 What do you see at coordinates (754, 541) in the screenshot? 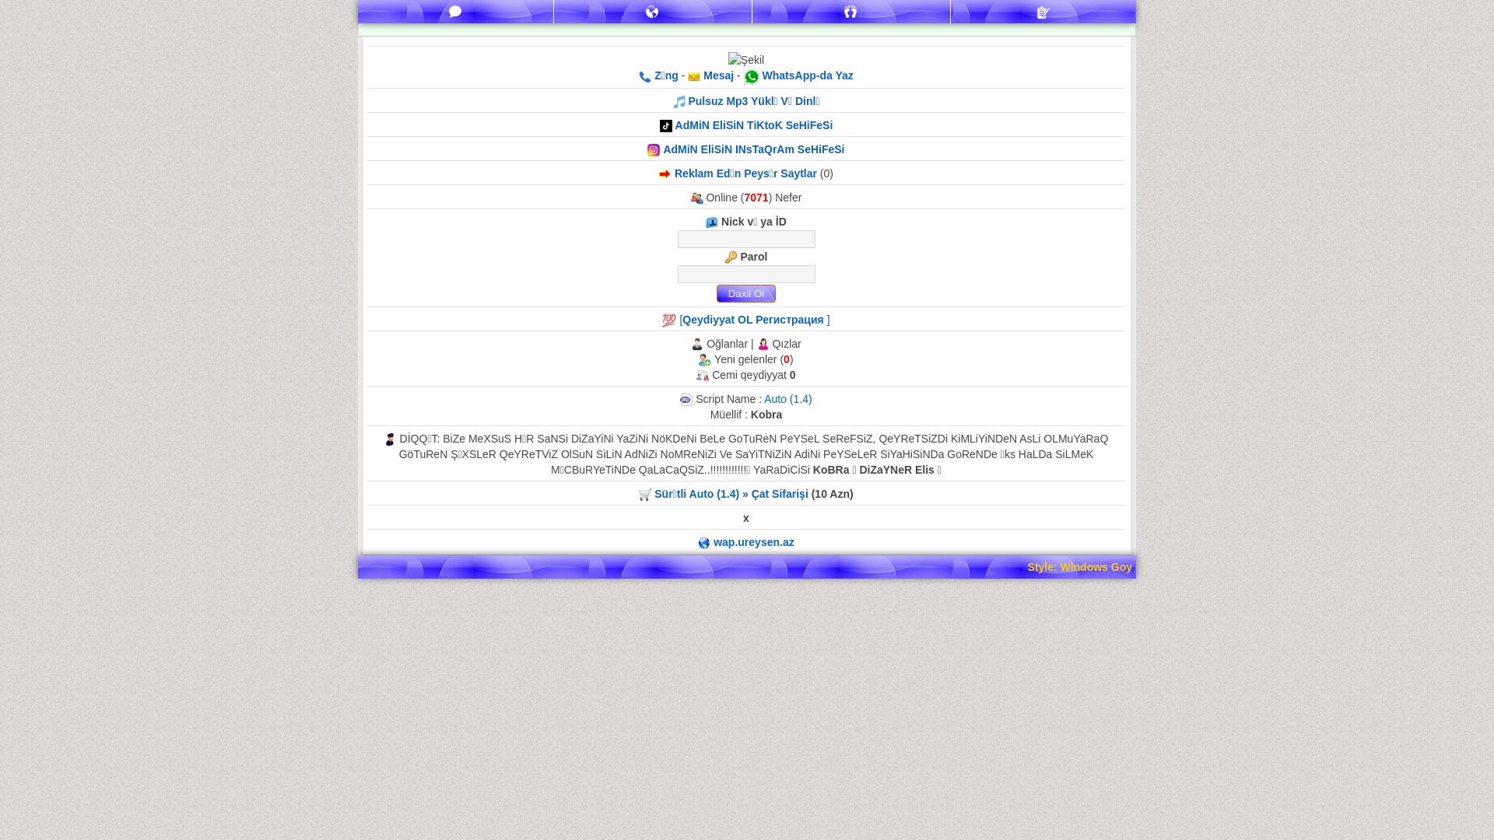
I see `'wap.ureysen.az'` at bounding box center [754, 541].